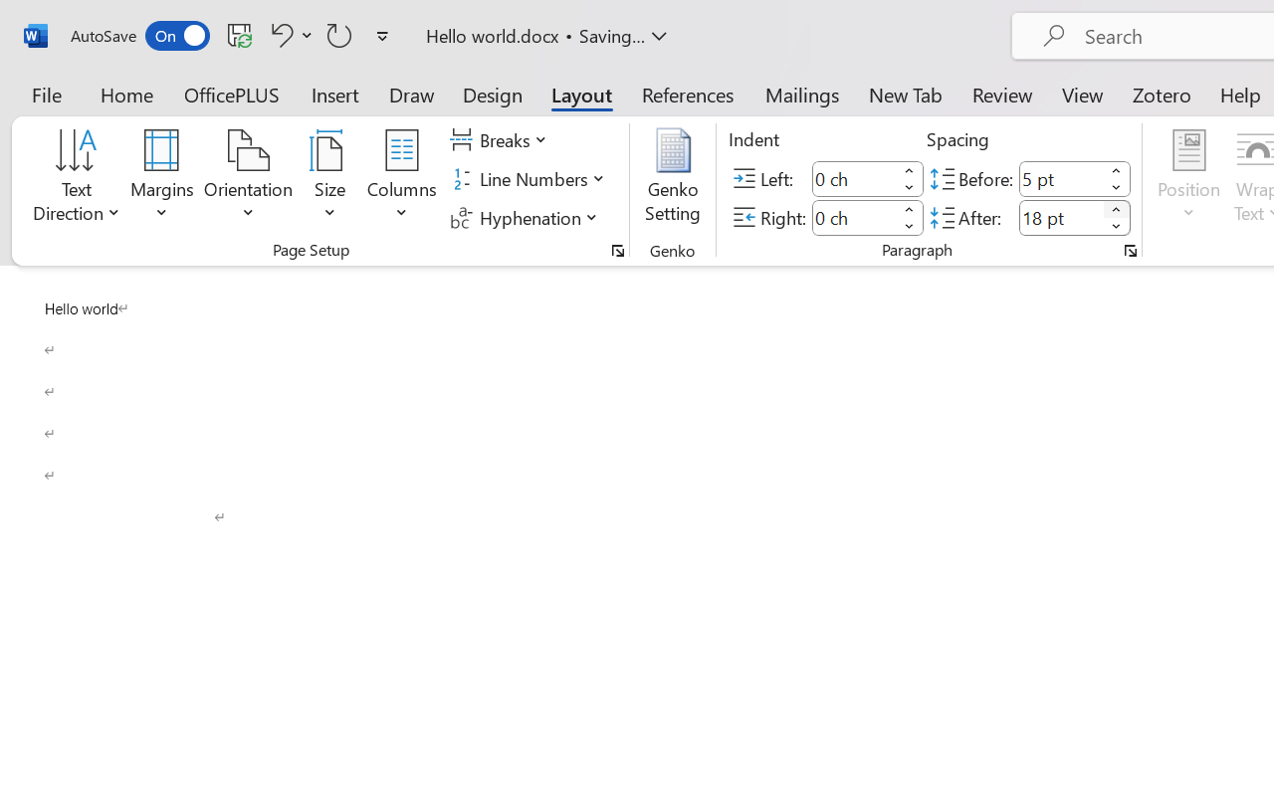 The height and width of the screenshot is (796, 1274). Describe the element at coordinates (239, 34) in the screenshot. I see `'Save'` at that location.